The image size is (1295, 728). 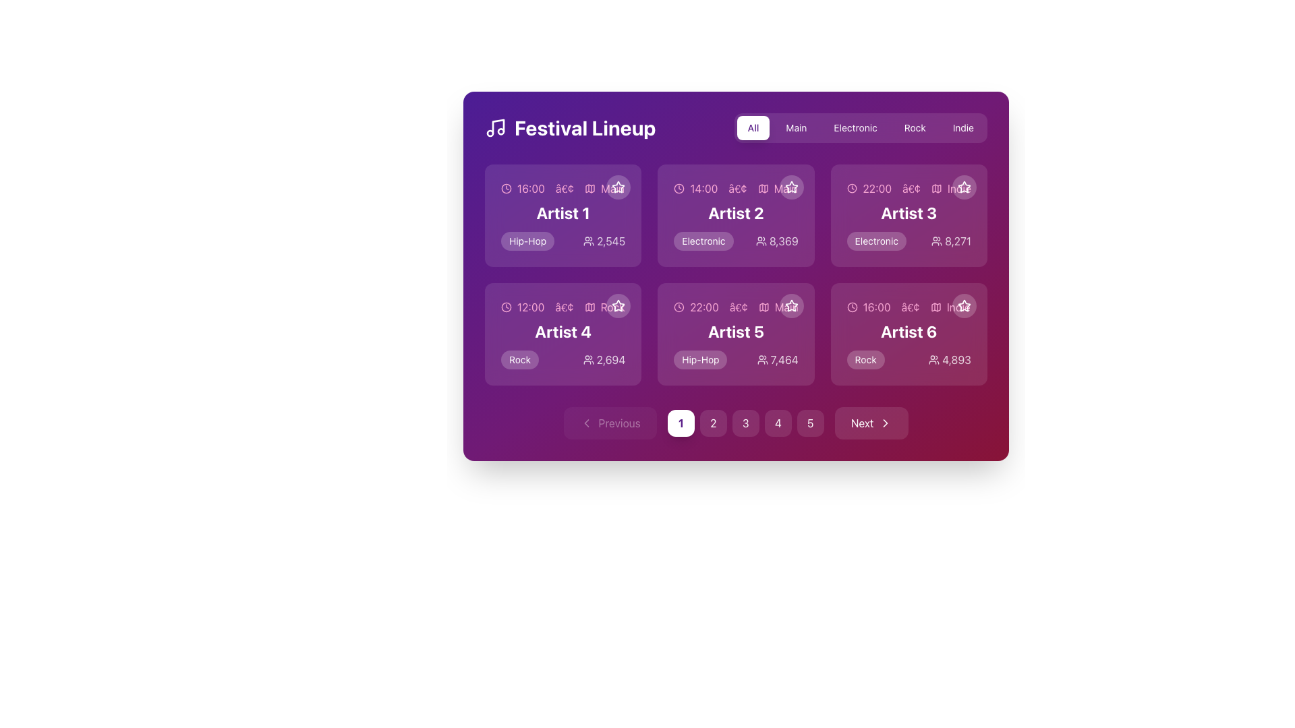 I want to click on small gray icon representing a users group located to the left of the text '8,271' in the event details section for 'Artist 3', so click(x=936, y=241).